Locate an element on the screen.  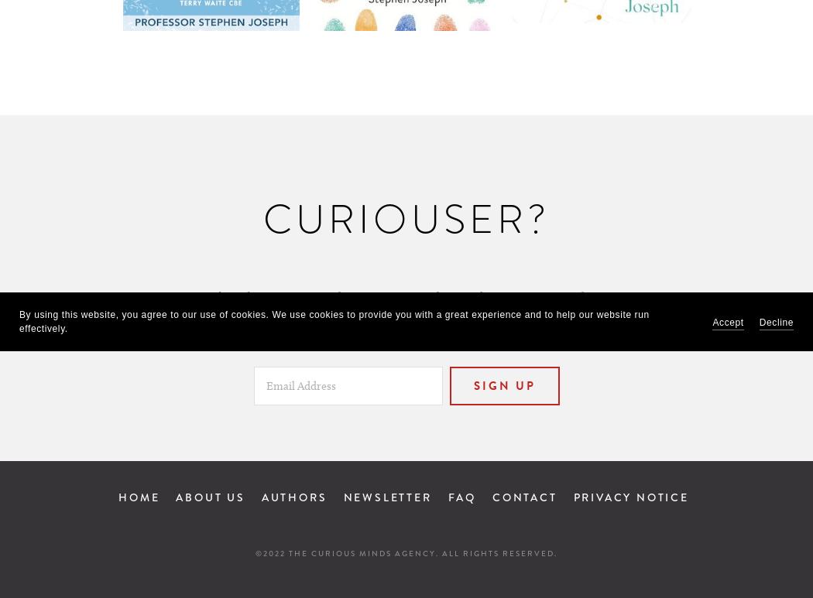
'Decline' is located at coordinates (776, 321).